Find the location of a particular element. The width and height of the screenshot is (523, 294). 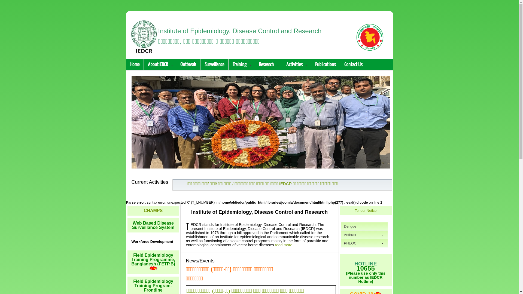

'Contact Us' is located at coordinates (353, 65).